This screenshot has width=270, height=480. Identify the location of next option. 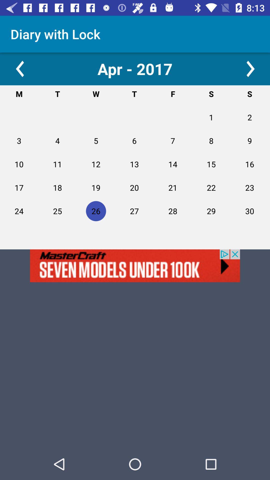
(250, 68).